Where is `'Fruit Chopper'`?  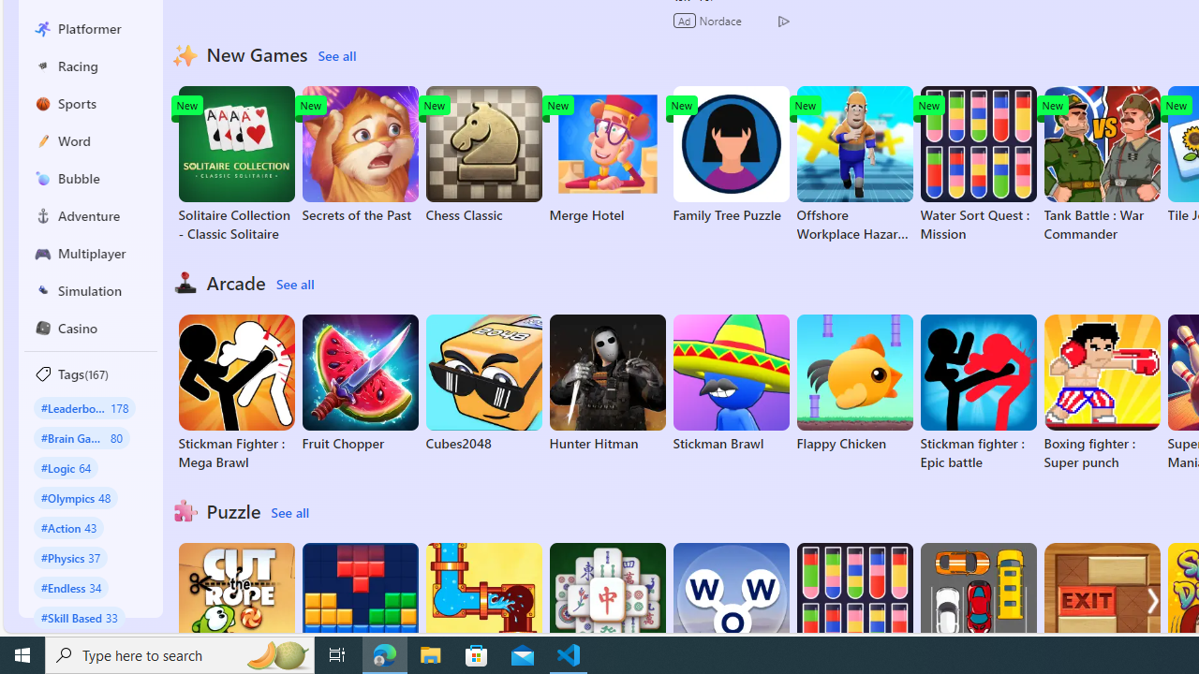
'Fruit Chopper' is located at coordinates (360, 383).